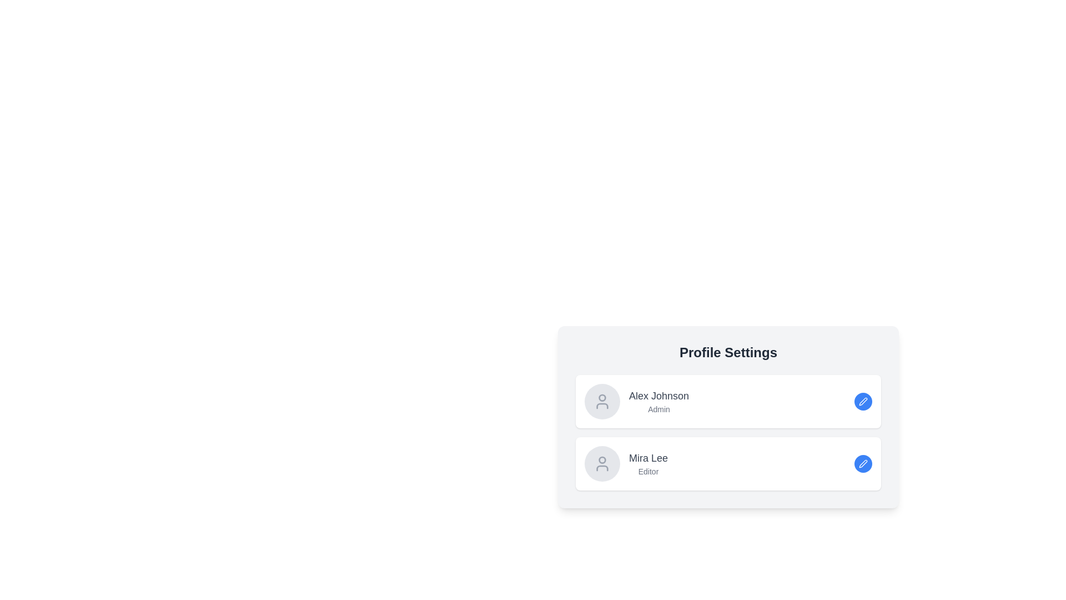 This screenshot has height=600, width=1066. Describe the element at coordinates (863, 401) in the screenshot. I see `the blue circular button containing the SVG icon beside 'Alex Johnson' to access additional features` at that location.